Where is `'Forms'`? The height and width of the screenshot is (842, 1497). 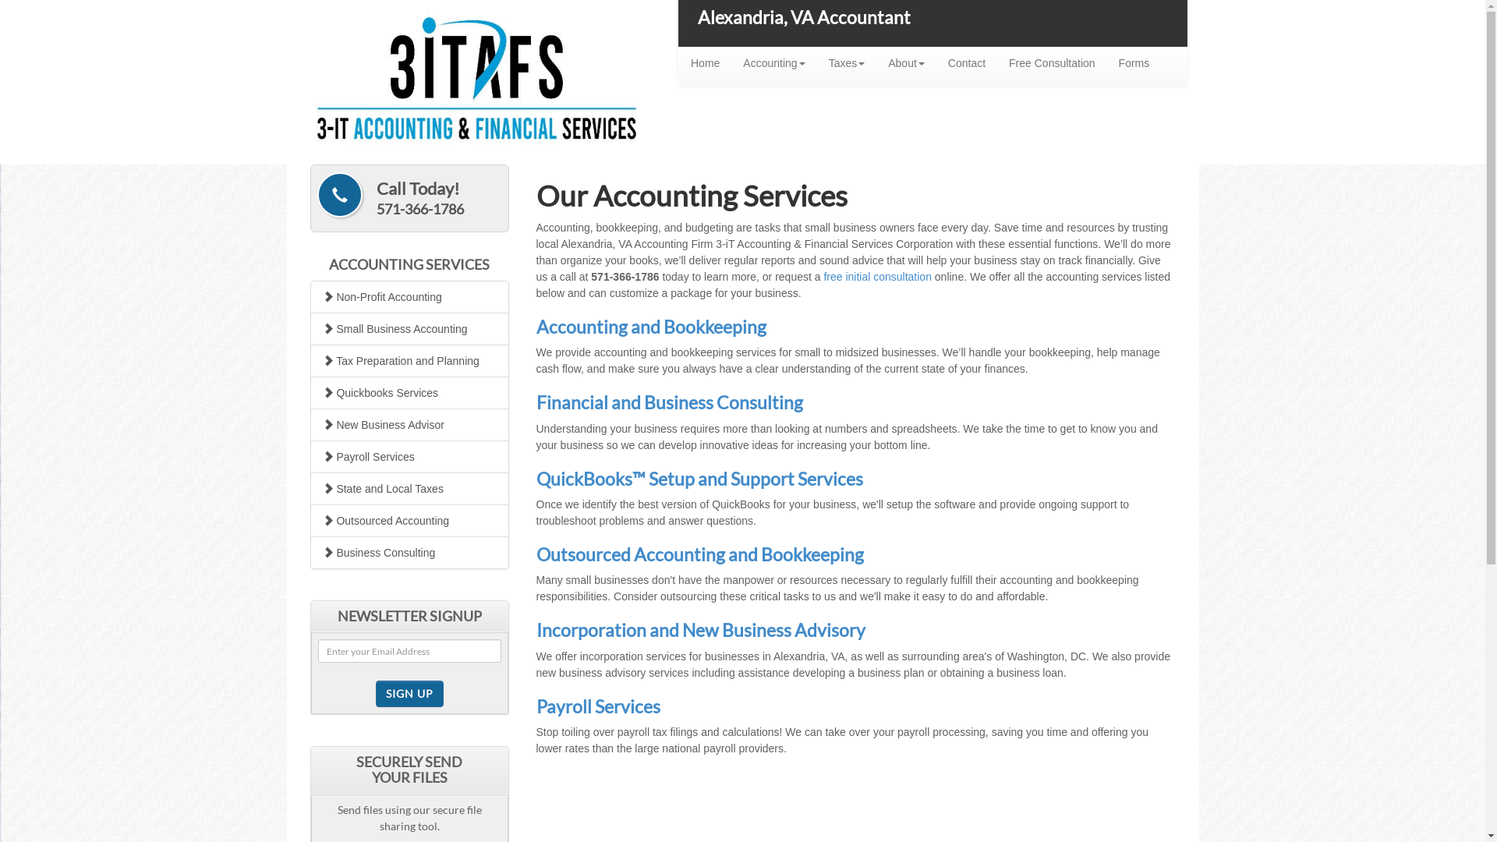 'Forms' is located at coordinates (1134, 62).